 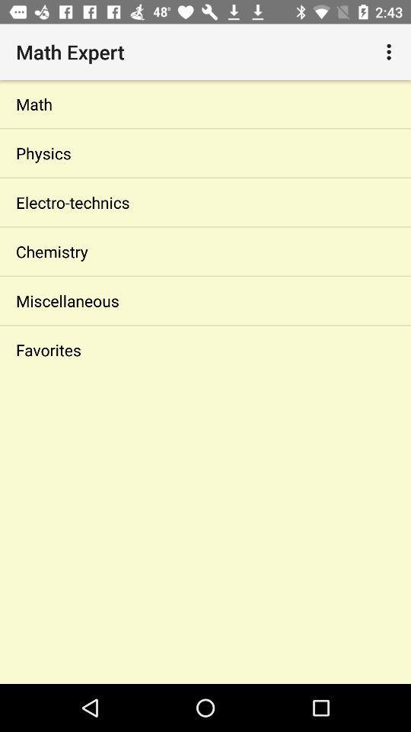 I want to click on item above miscellaneous app, so click(x=205, y=252).